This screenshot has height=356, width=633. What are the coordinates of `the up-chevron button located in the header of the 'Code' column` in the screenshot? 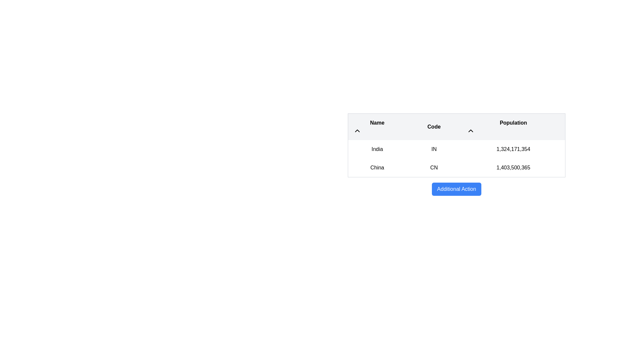 It's located at (470, 131).